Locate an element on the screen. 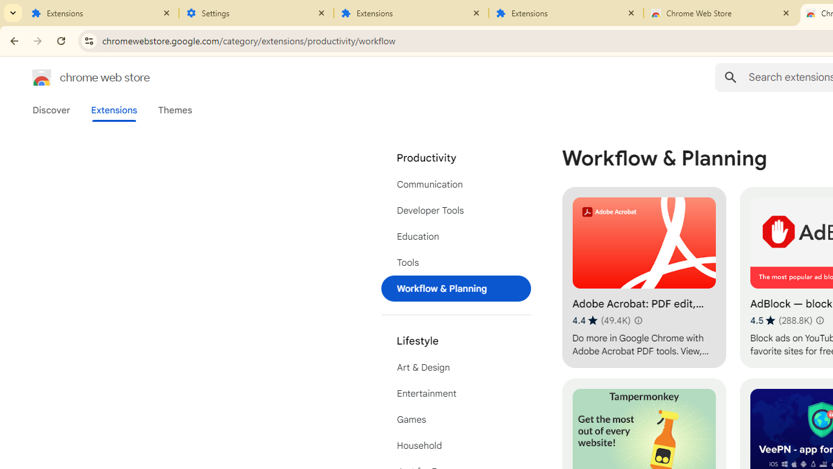 Image resolution: width=833 pixels, height=469 pixels. 'Workflow & Planning (selected)' is located at coordinates (456, 288).